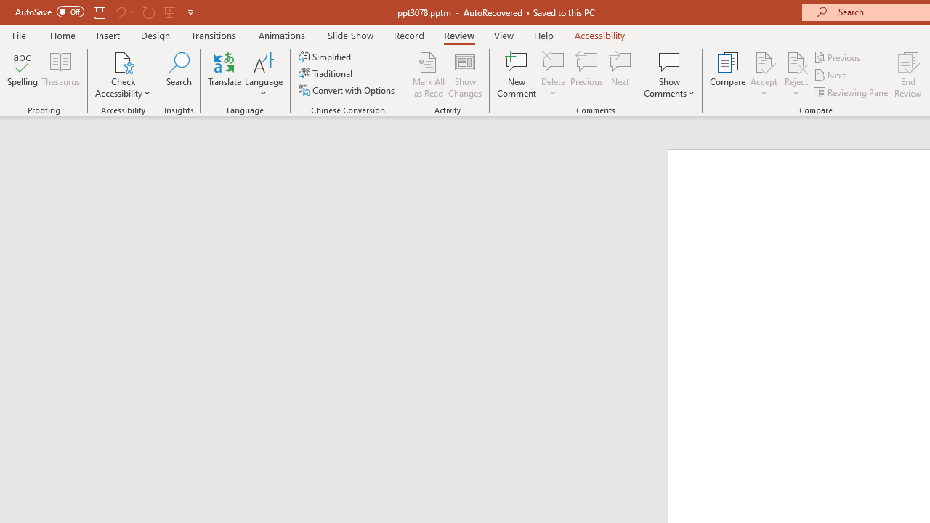 This screenshot has height=523, width=930. Describe the element at coordinates (838, 57) in the screenshot. I see `'Previous'` at that location.